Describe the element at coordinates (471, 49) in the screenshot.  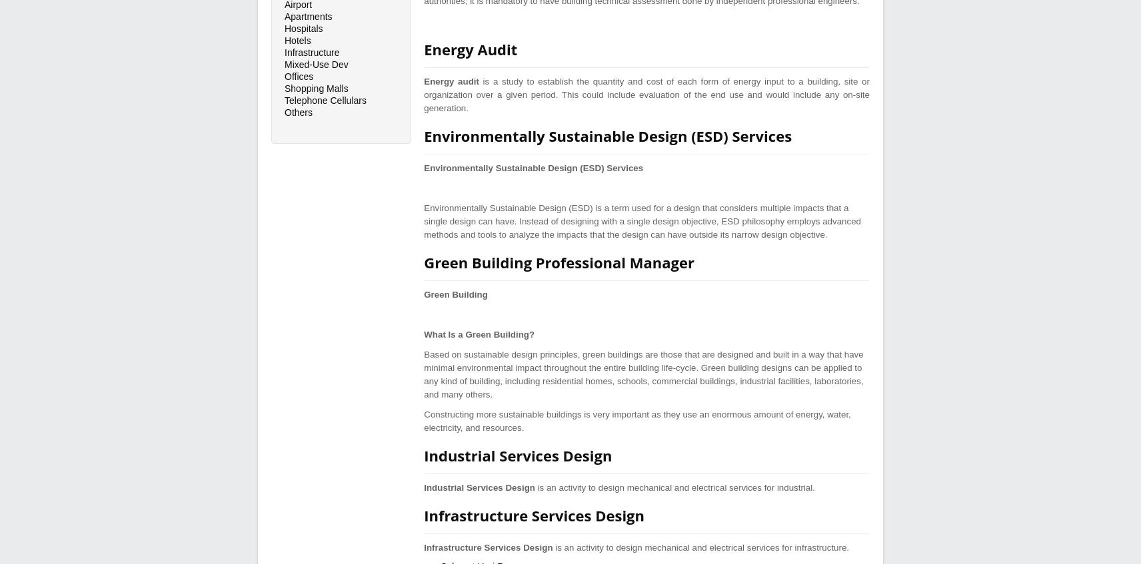
I see `'Energy Audit'` at that location.